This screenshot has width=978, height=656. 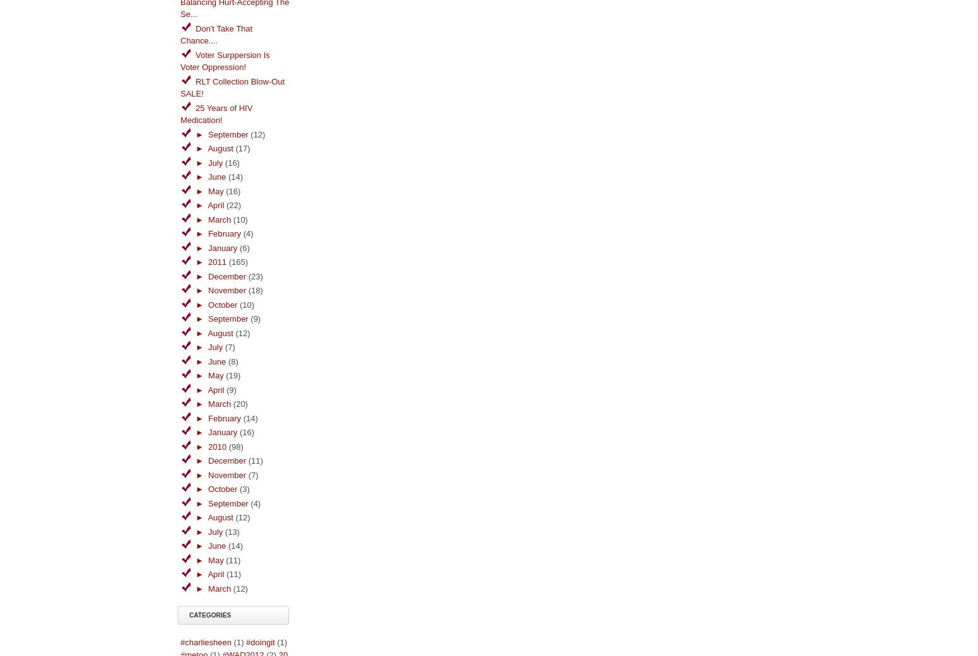 What do you see at coordinates (232, 87) in the screenshot?
I see `'RLT Collection Blow-Out SALE!'` at bounding box center [232, 87].